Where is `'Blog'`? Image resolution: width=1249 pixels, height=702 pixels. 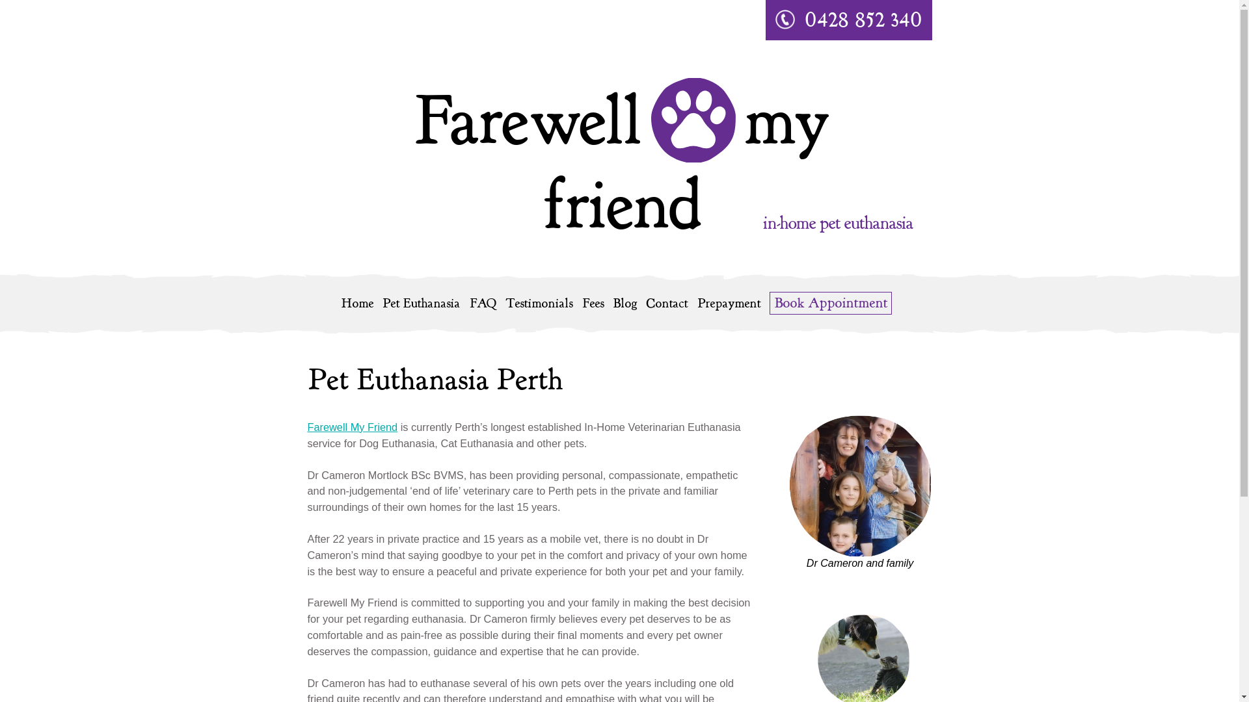 'Blog' is located at coordinates (624, 304).